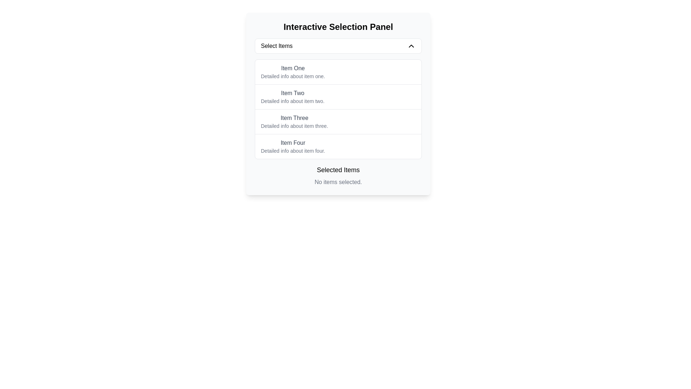 Image resolution: width=691 pixels, height=389 pixels. What do you see at coordinates (294, 126) in the screenshot?
I see `the descriptive text display for 'Item Three', which provides additional context about the item` at bounding box center [294, 126].